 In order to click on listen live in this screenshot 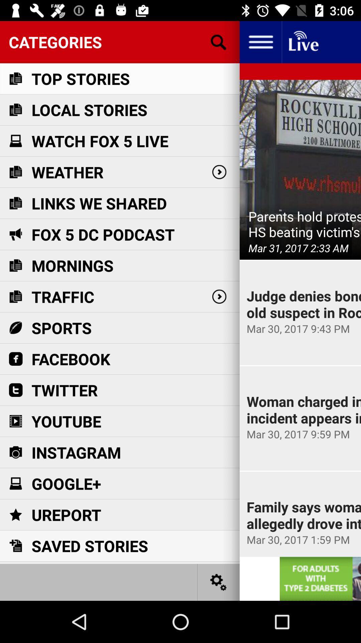, I will do `click(303, 42)`.